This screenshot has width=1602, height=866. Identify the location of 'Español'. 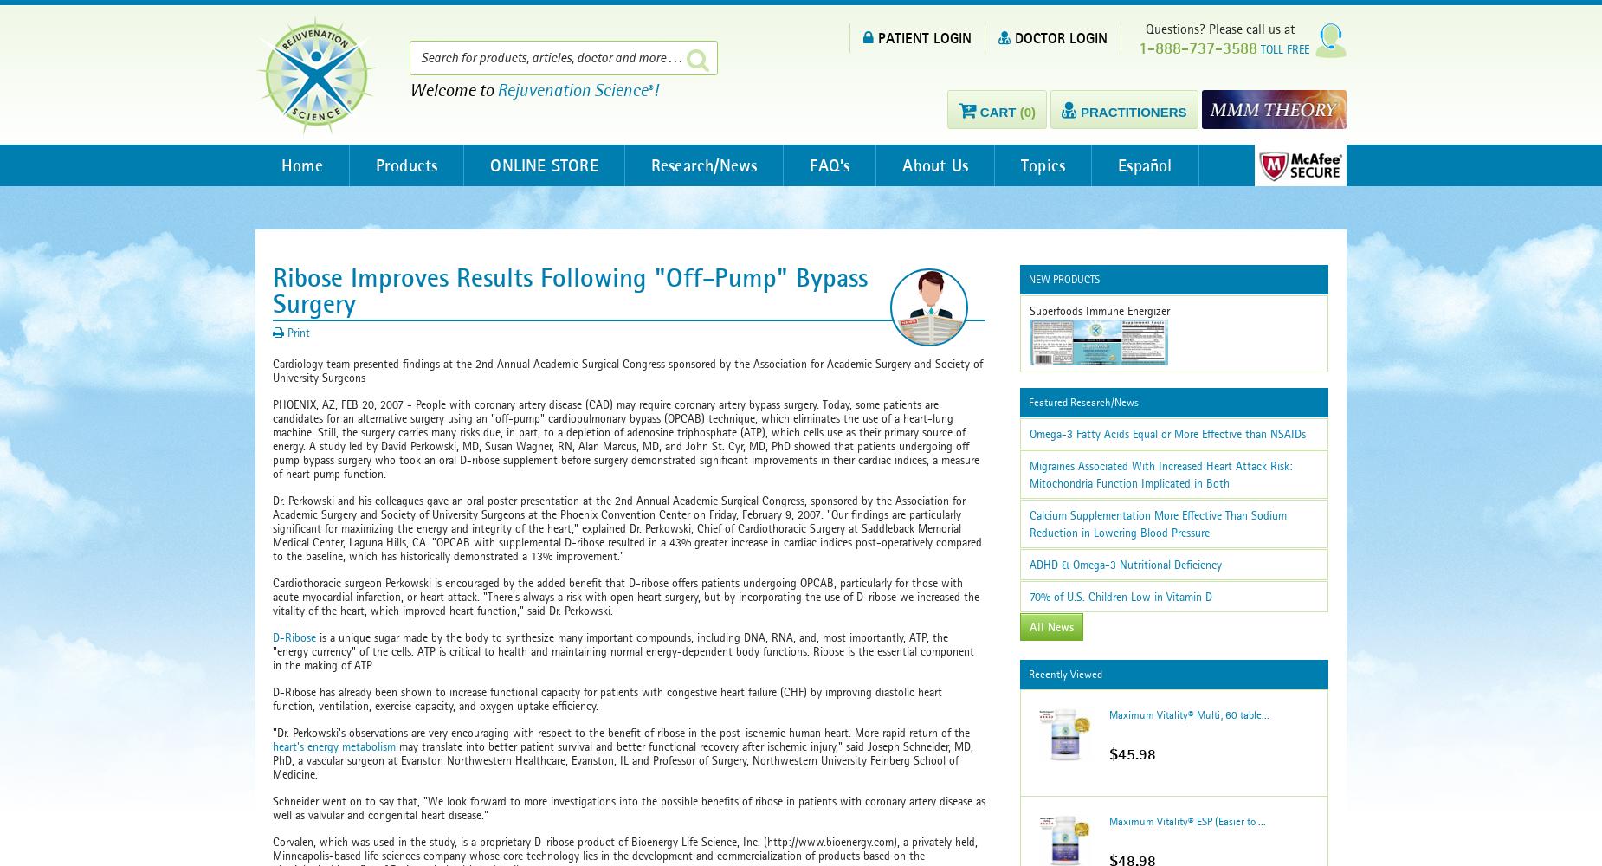
(1144, 165).